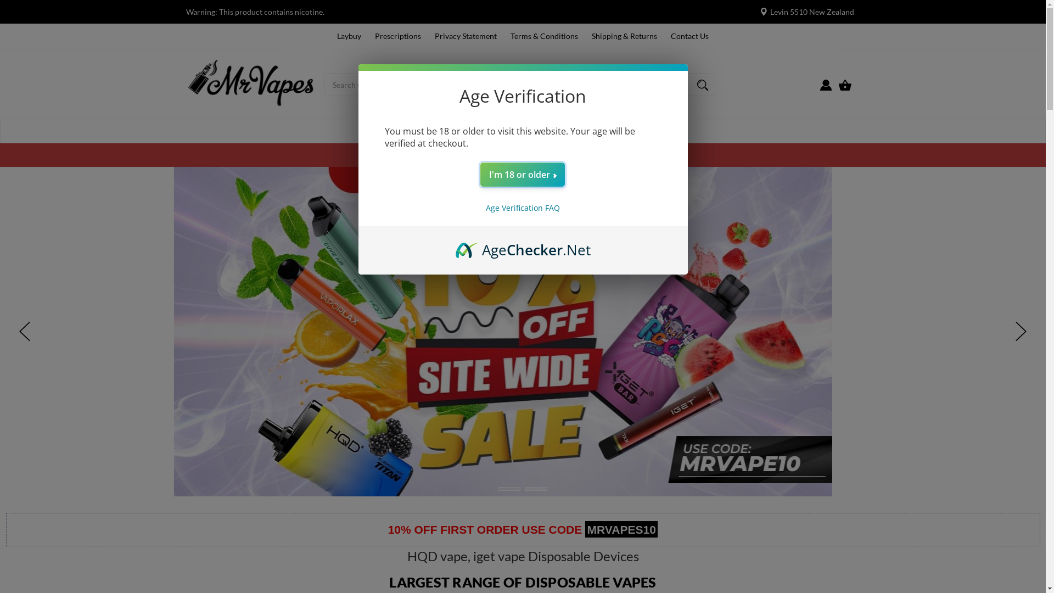 The image size is (1054, 593). What do you see at coordinates (466, 35) in the screenshot?
I see `'Privacy Statement'` at bounding box center [466, 35].